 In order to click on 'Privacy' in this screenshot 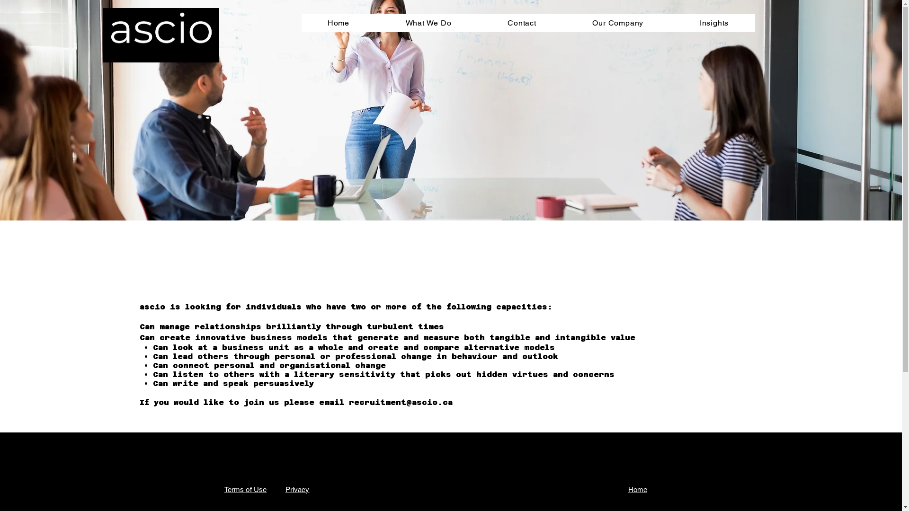, I will do `click(296, 489)`.